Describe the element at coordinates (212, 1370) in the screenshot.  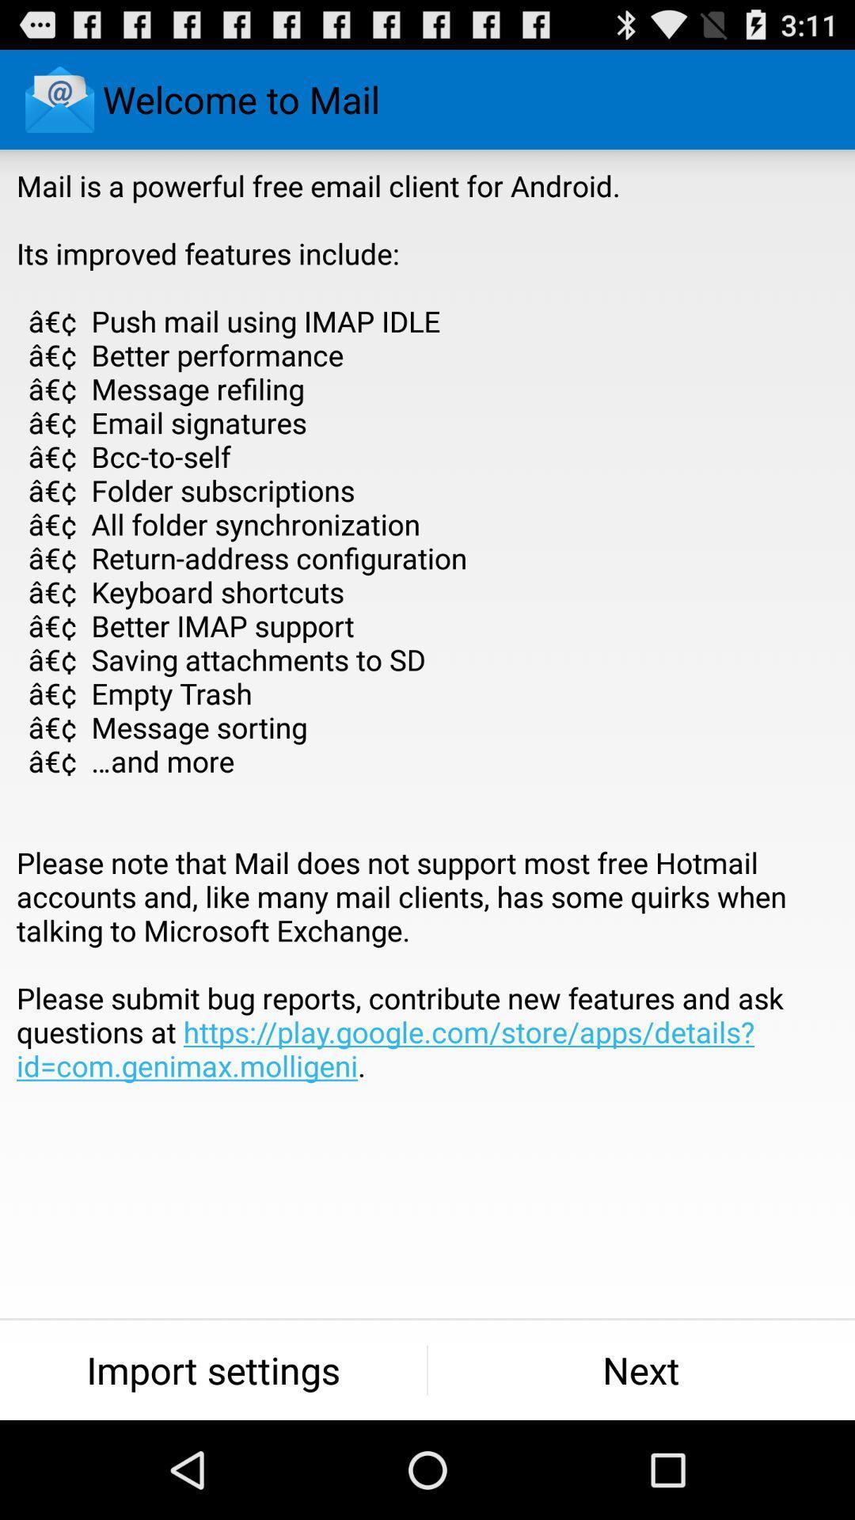
I see `the button next to next` at that location.